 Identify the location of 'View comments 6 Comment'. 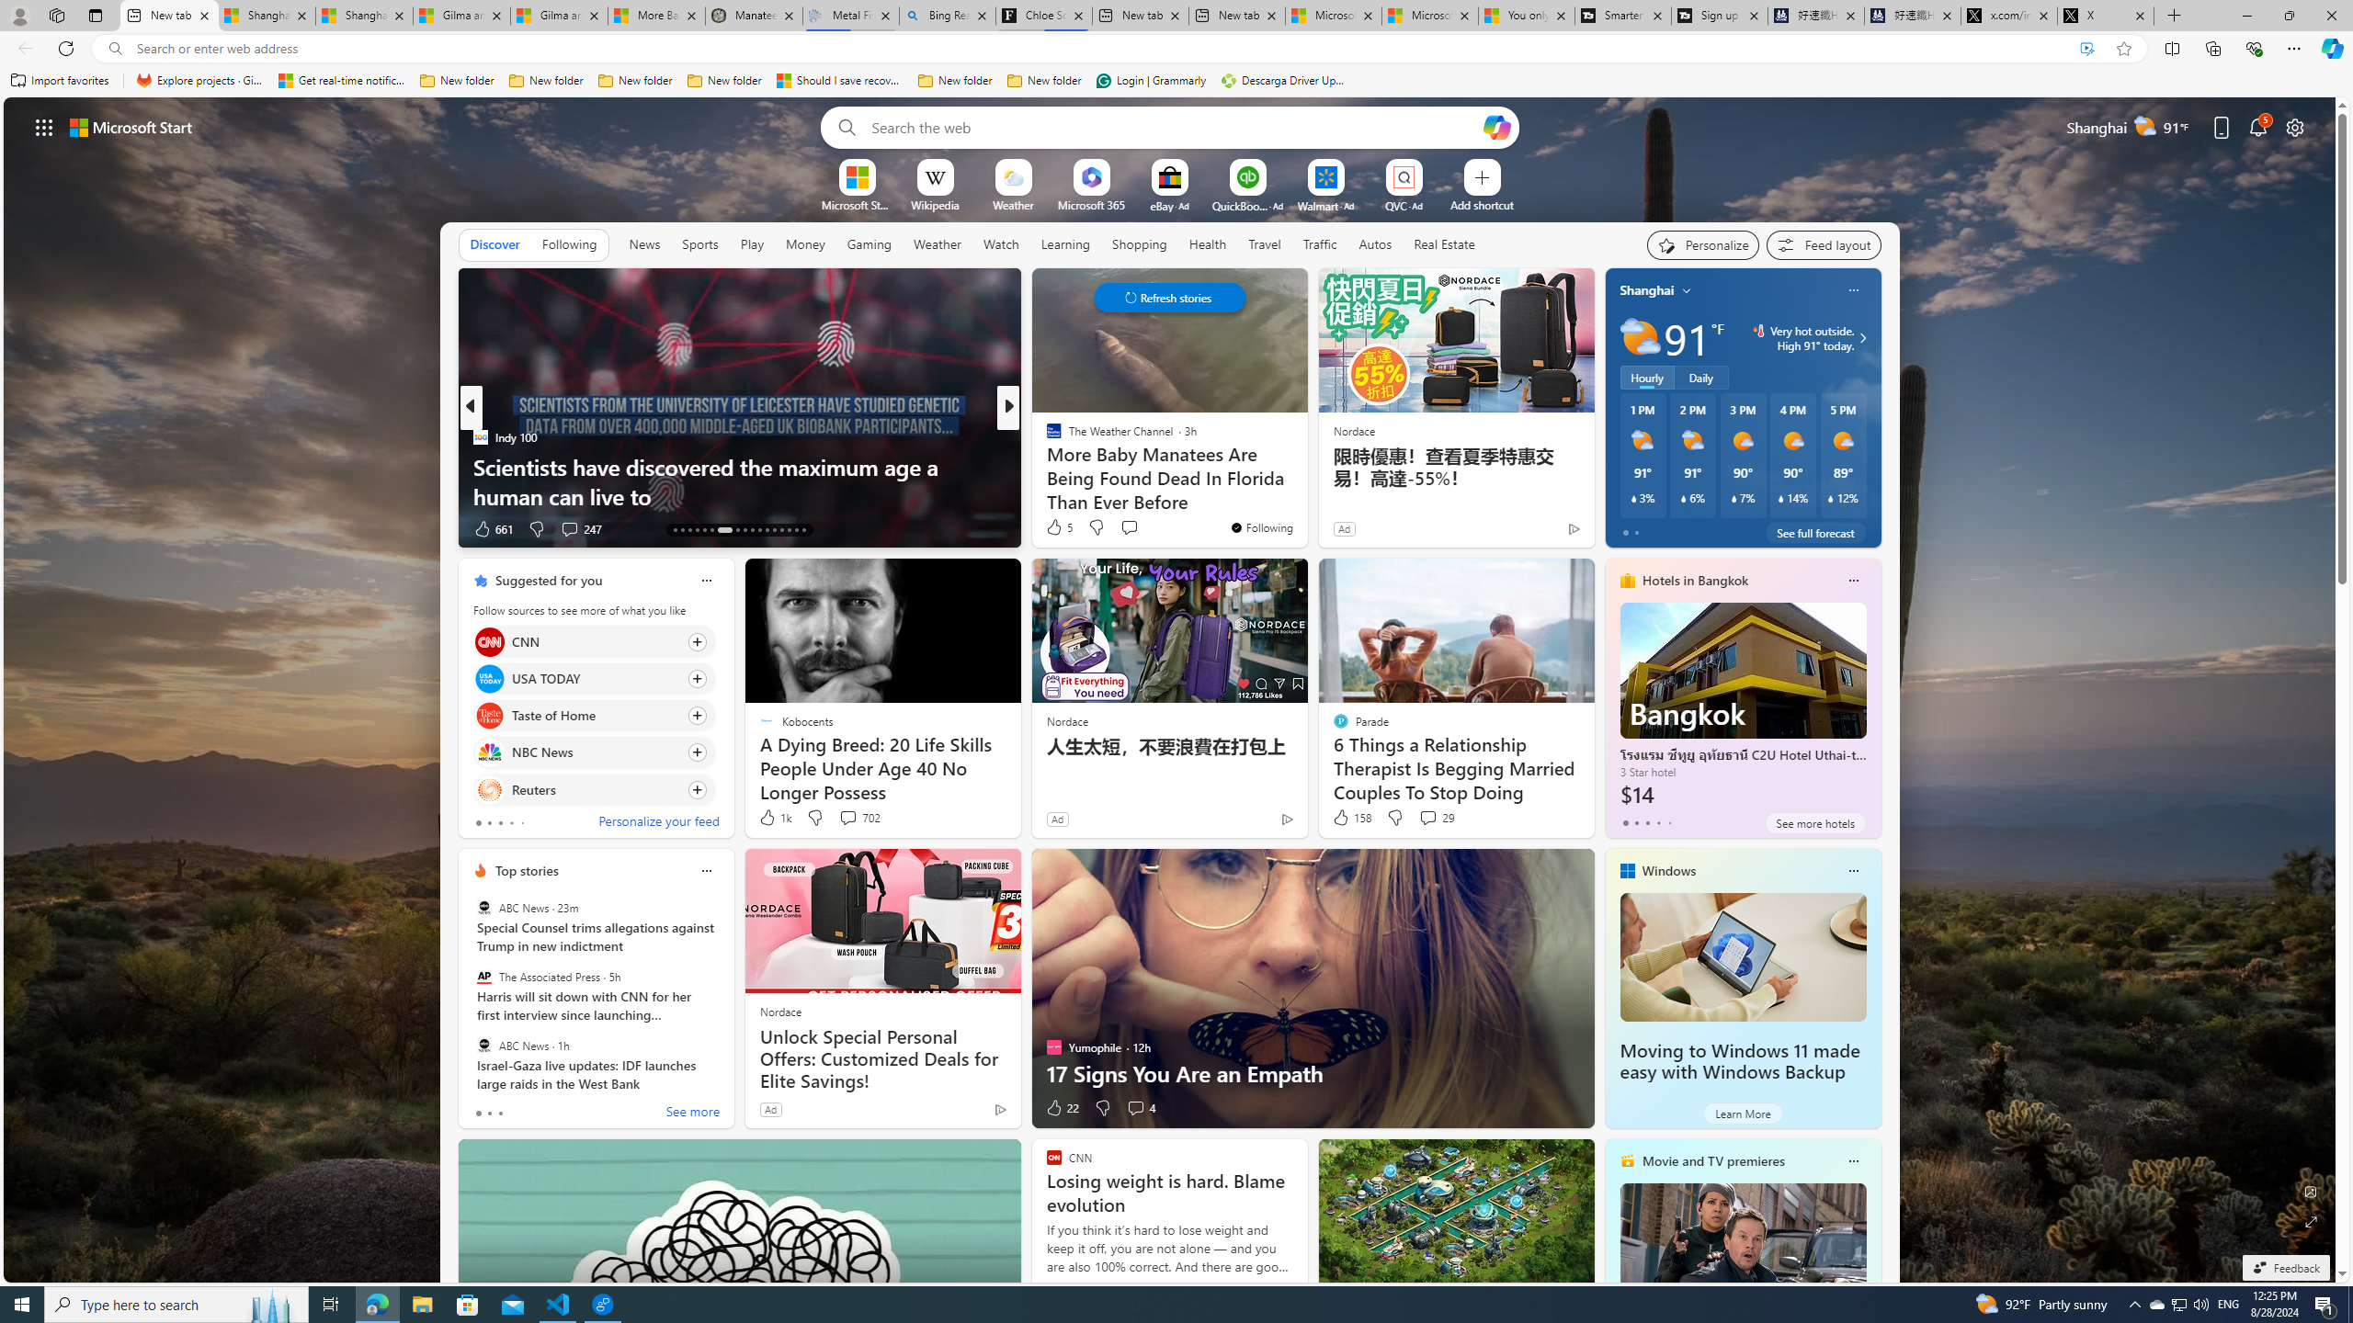
(1140, 528).